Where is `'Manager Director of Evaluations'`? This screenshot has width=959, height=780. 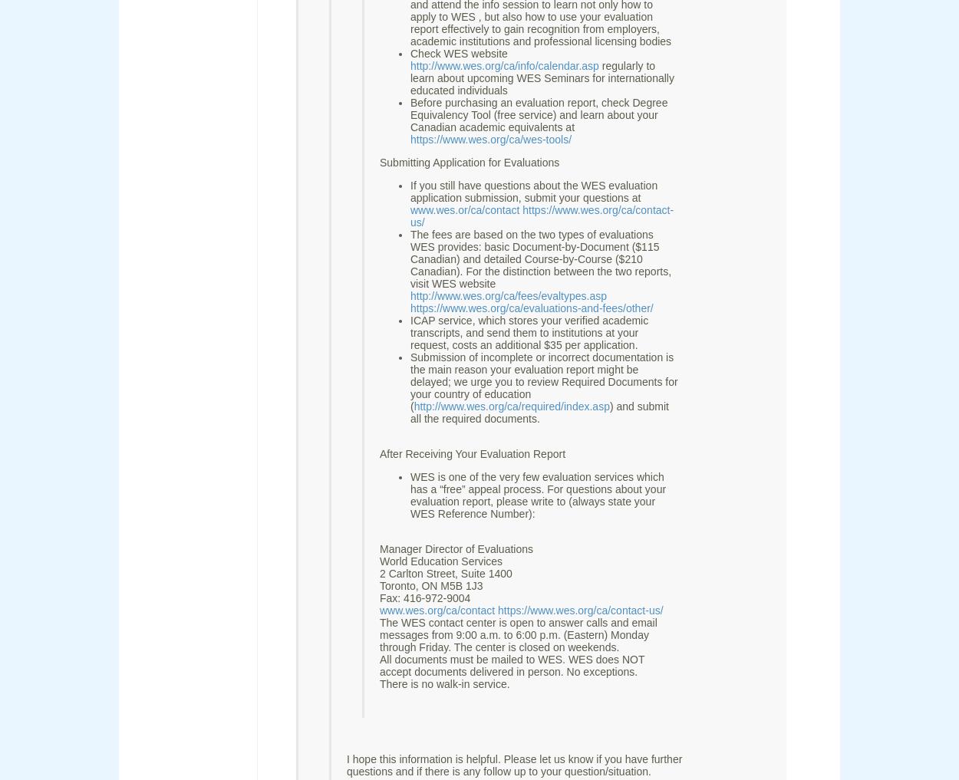 'Manager Director of Evaluations' is located at coordinates (456, 548).